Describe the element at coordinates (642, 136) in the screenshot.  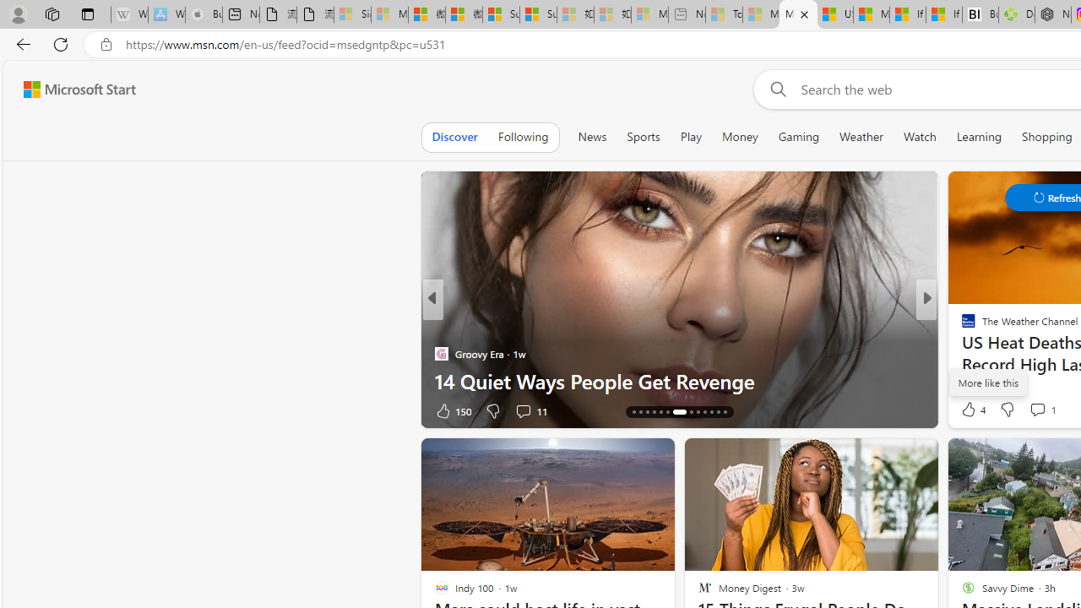
I see `'Sports'` at that location.